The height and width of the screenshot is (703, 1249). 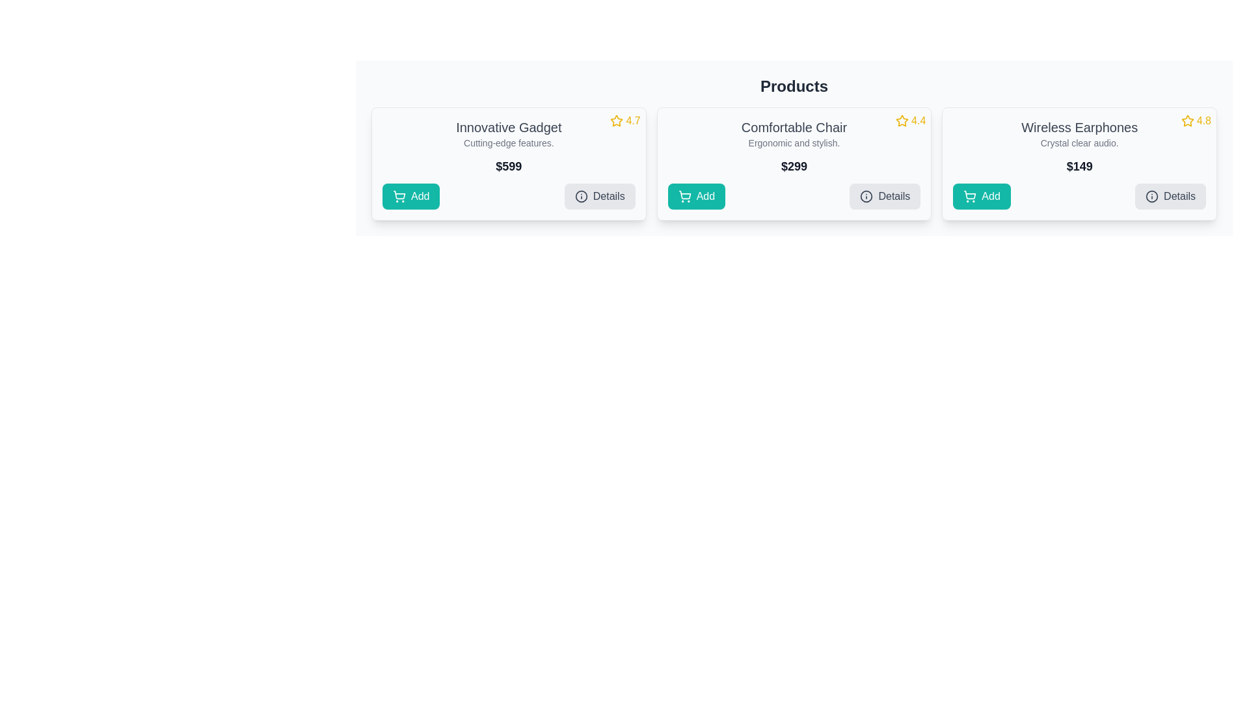 I want to click on the star rating icon in the top-right corner of the 'Wireless Earphones' product card to provide a rating, so click(x=1187, y=120).